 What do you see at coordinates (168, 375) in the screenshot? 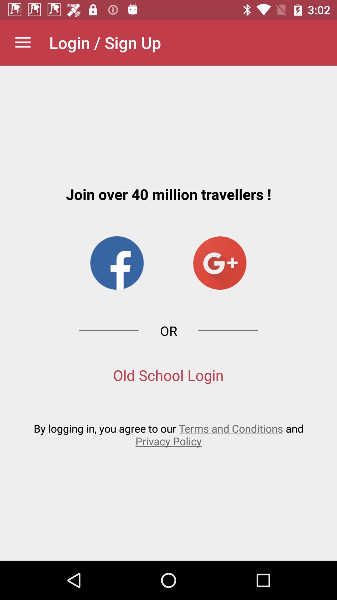
I see `the old school login` at bounding box center [168, 375].